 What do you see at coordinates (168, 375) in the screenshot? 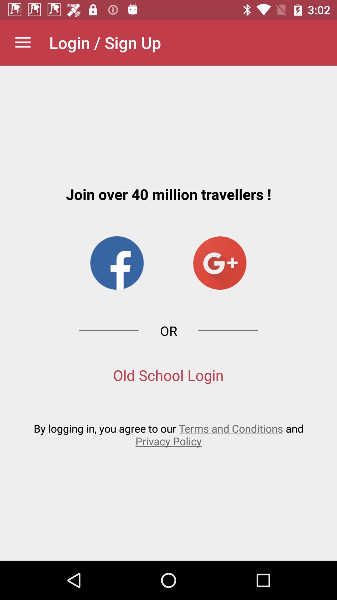
I see `the old school login` at bounding box center [168, 375].